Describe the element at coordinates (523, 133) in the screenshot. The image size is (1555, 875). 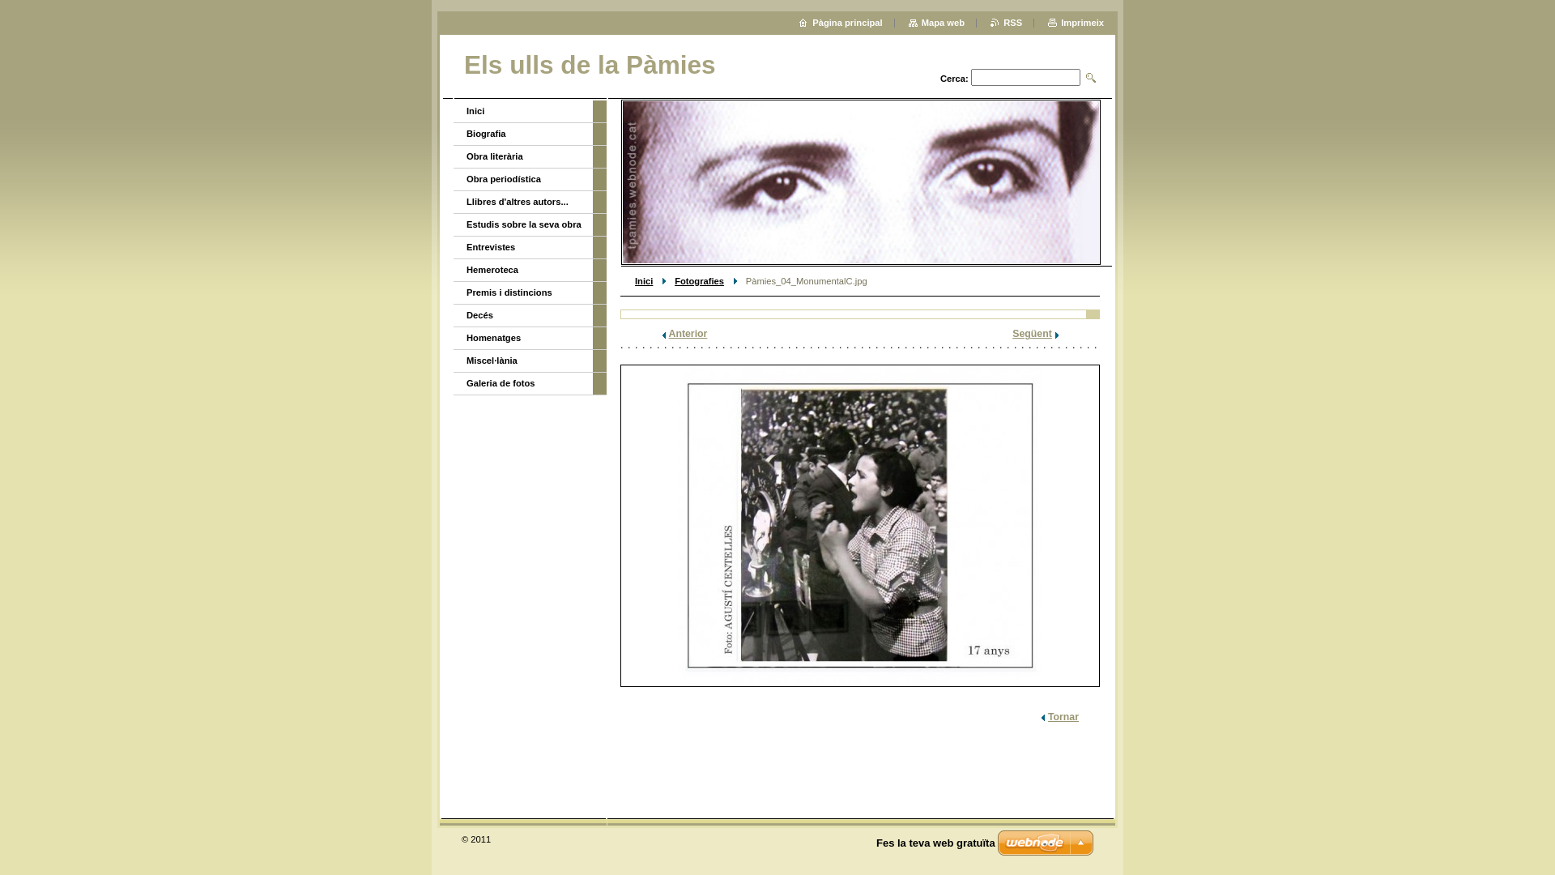
I see `'Biografia'` at that location.